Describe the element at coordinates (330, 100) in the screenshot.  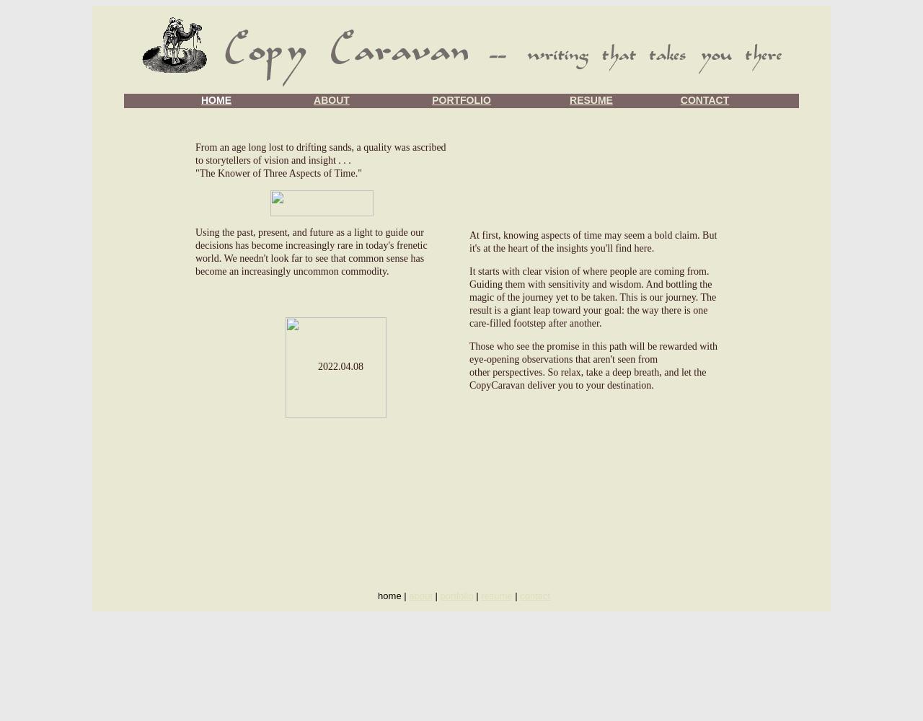
I see `'ABOUT'` at that location.